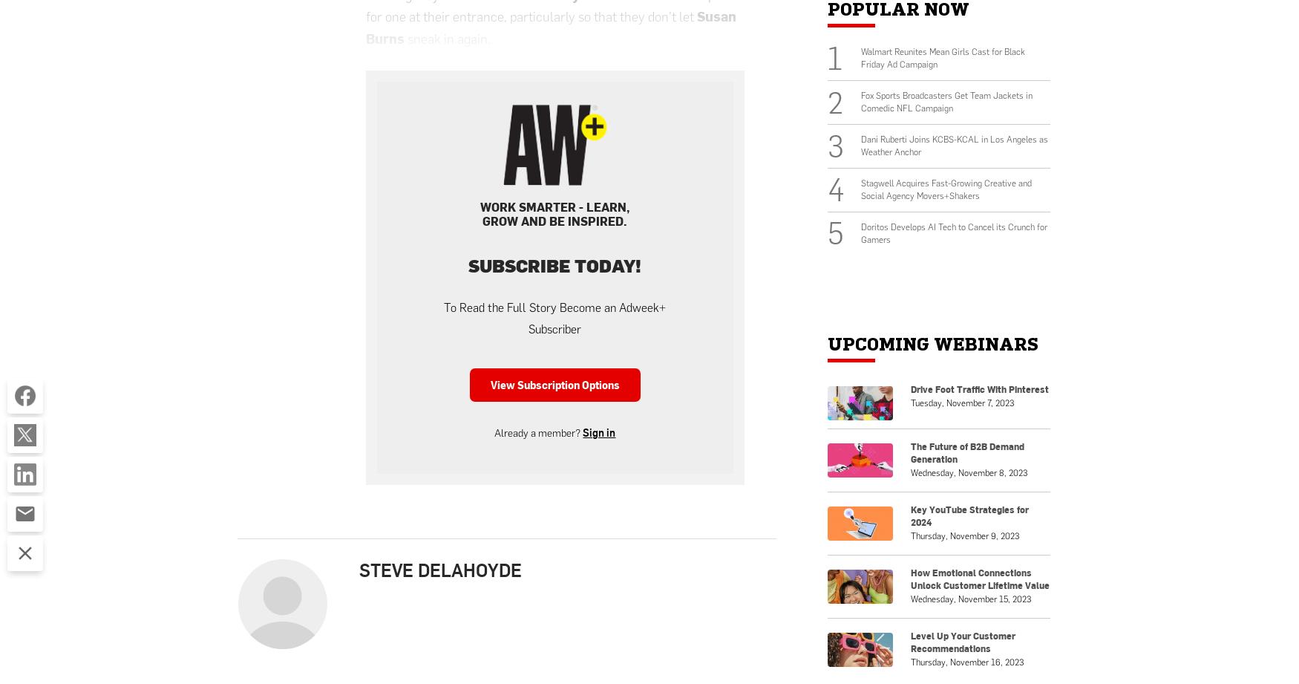  I want to click on 'Drive Foot Traffic With Pinterest', so click(978, 388).